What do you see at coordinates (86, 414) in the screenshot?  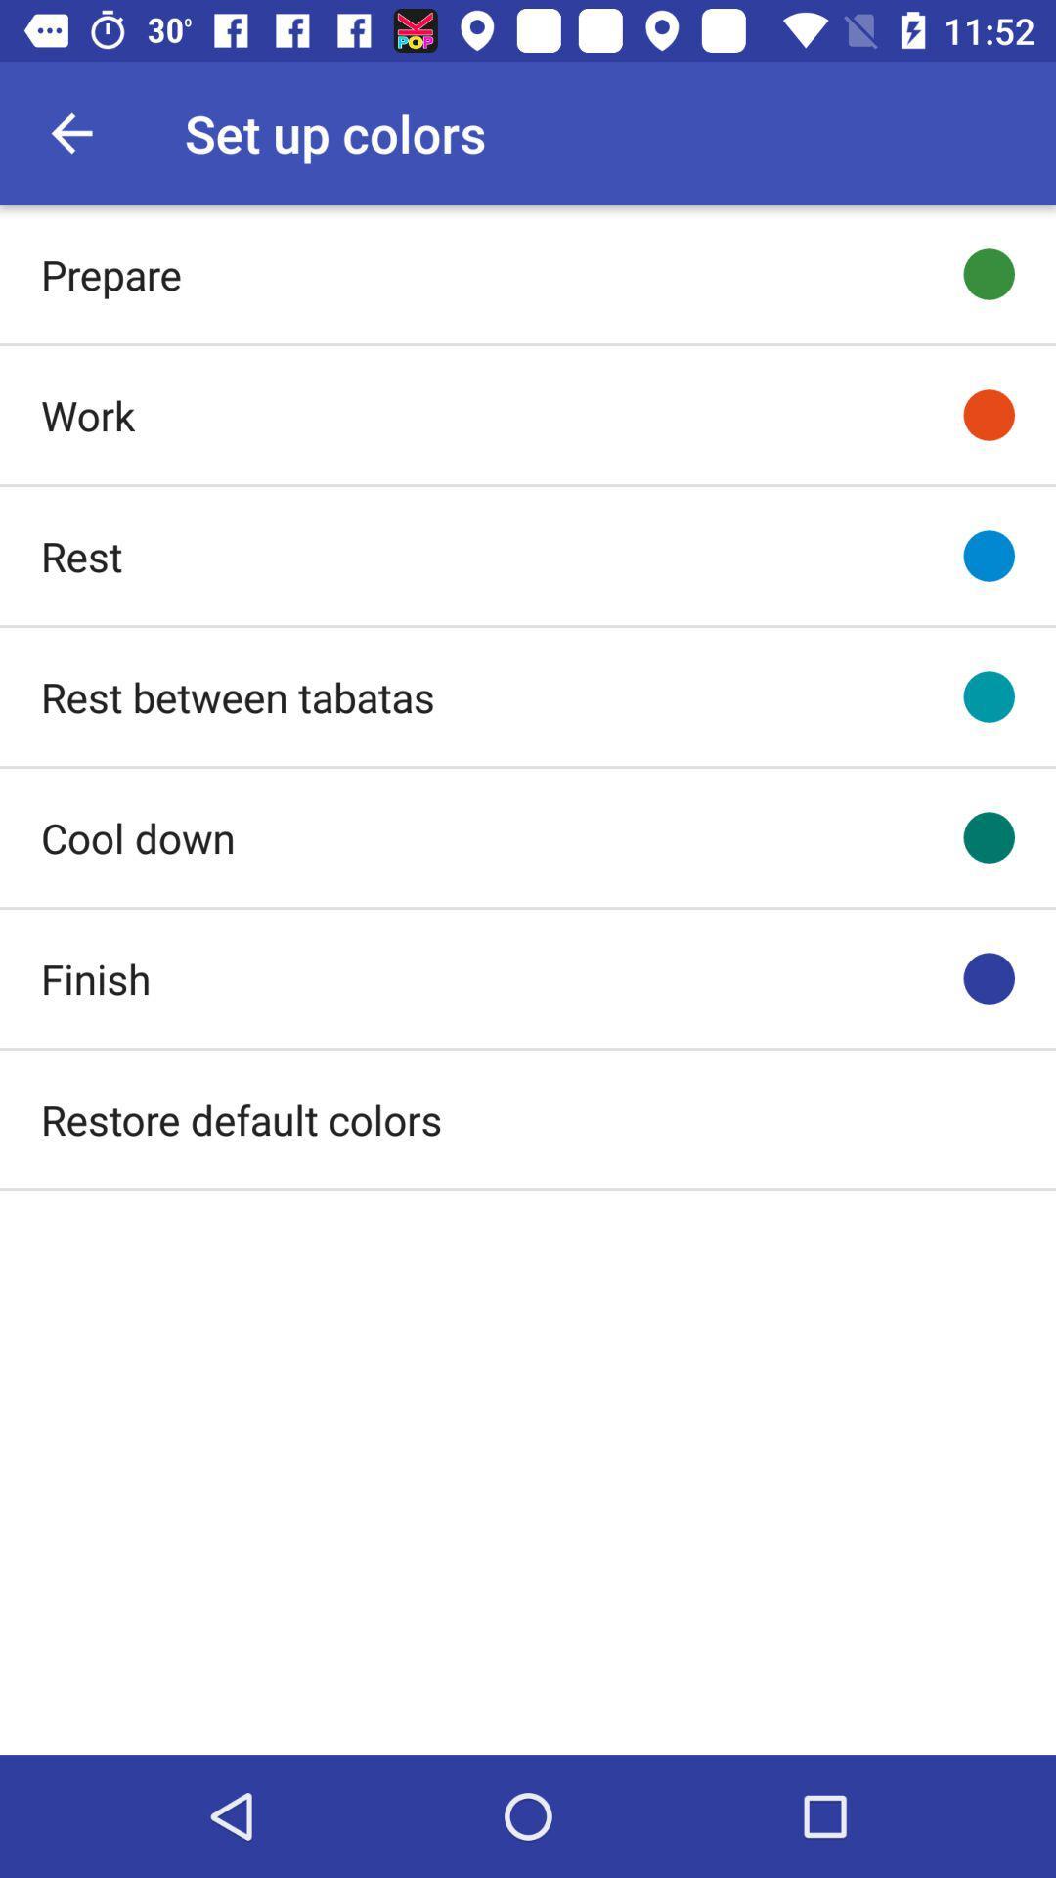 I see `the item below prepare item` at bounding box center [86, 414].